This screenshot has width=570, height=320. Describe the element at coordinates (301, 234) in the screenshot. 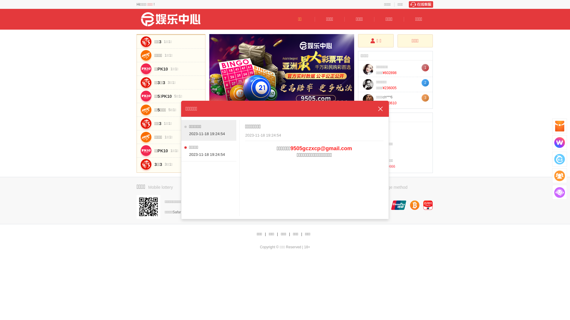

I see `'|'` at that location.